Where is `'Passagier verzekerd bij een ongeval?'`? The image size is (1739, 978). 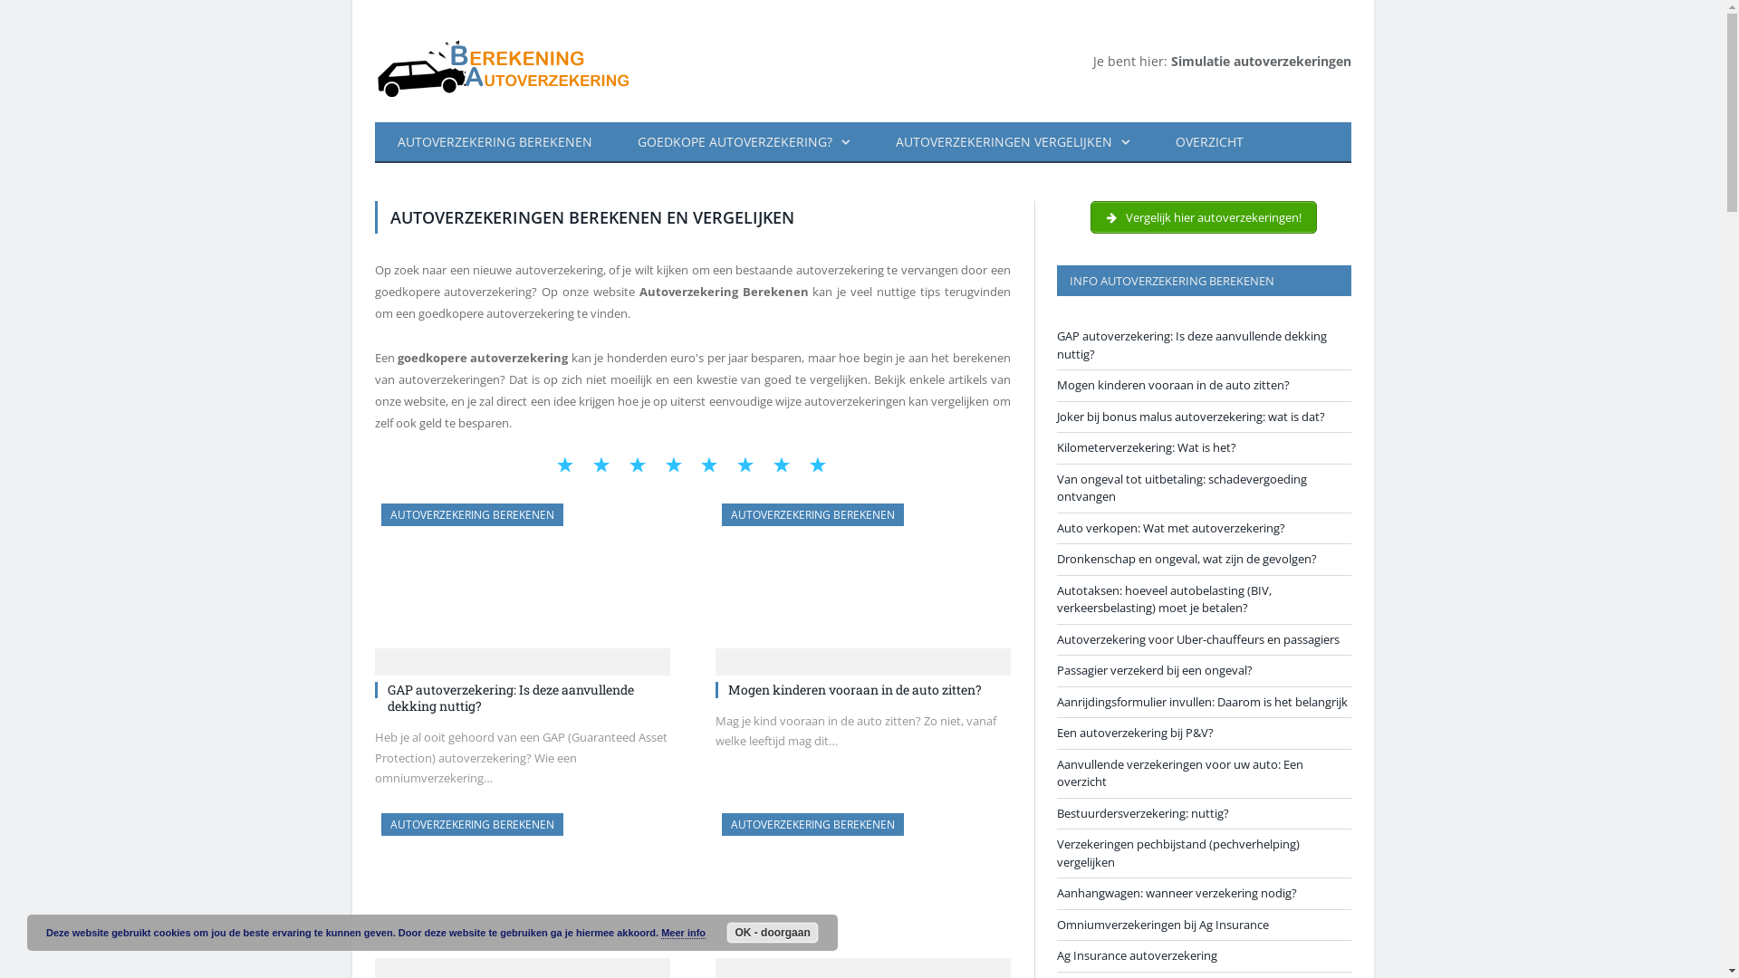 'Passagier verzekerd bij een ongeval?' is located at coordinates (1152, 670).